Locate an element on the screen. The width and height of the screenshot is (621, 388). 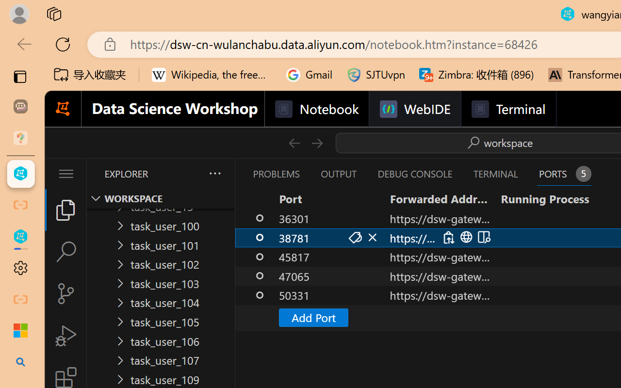
'Preview in Editor' is located at coordinates (483, 237).